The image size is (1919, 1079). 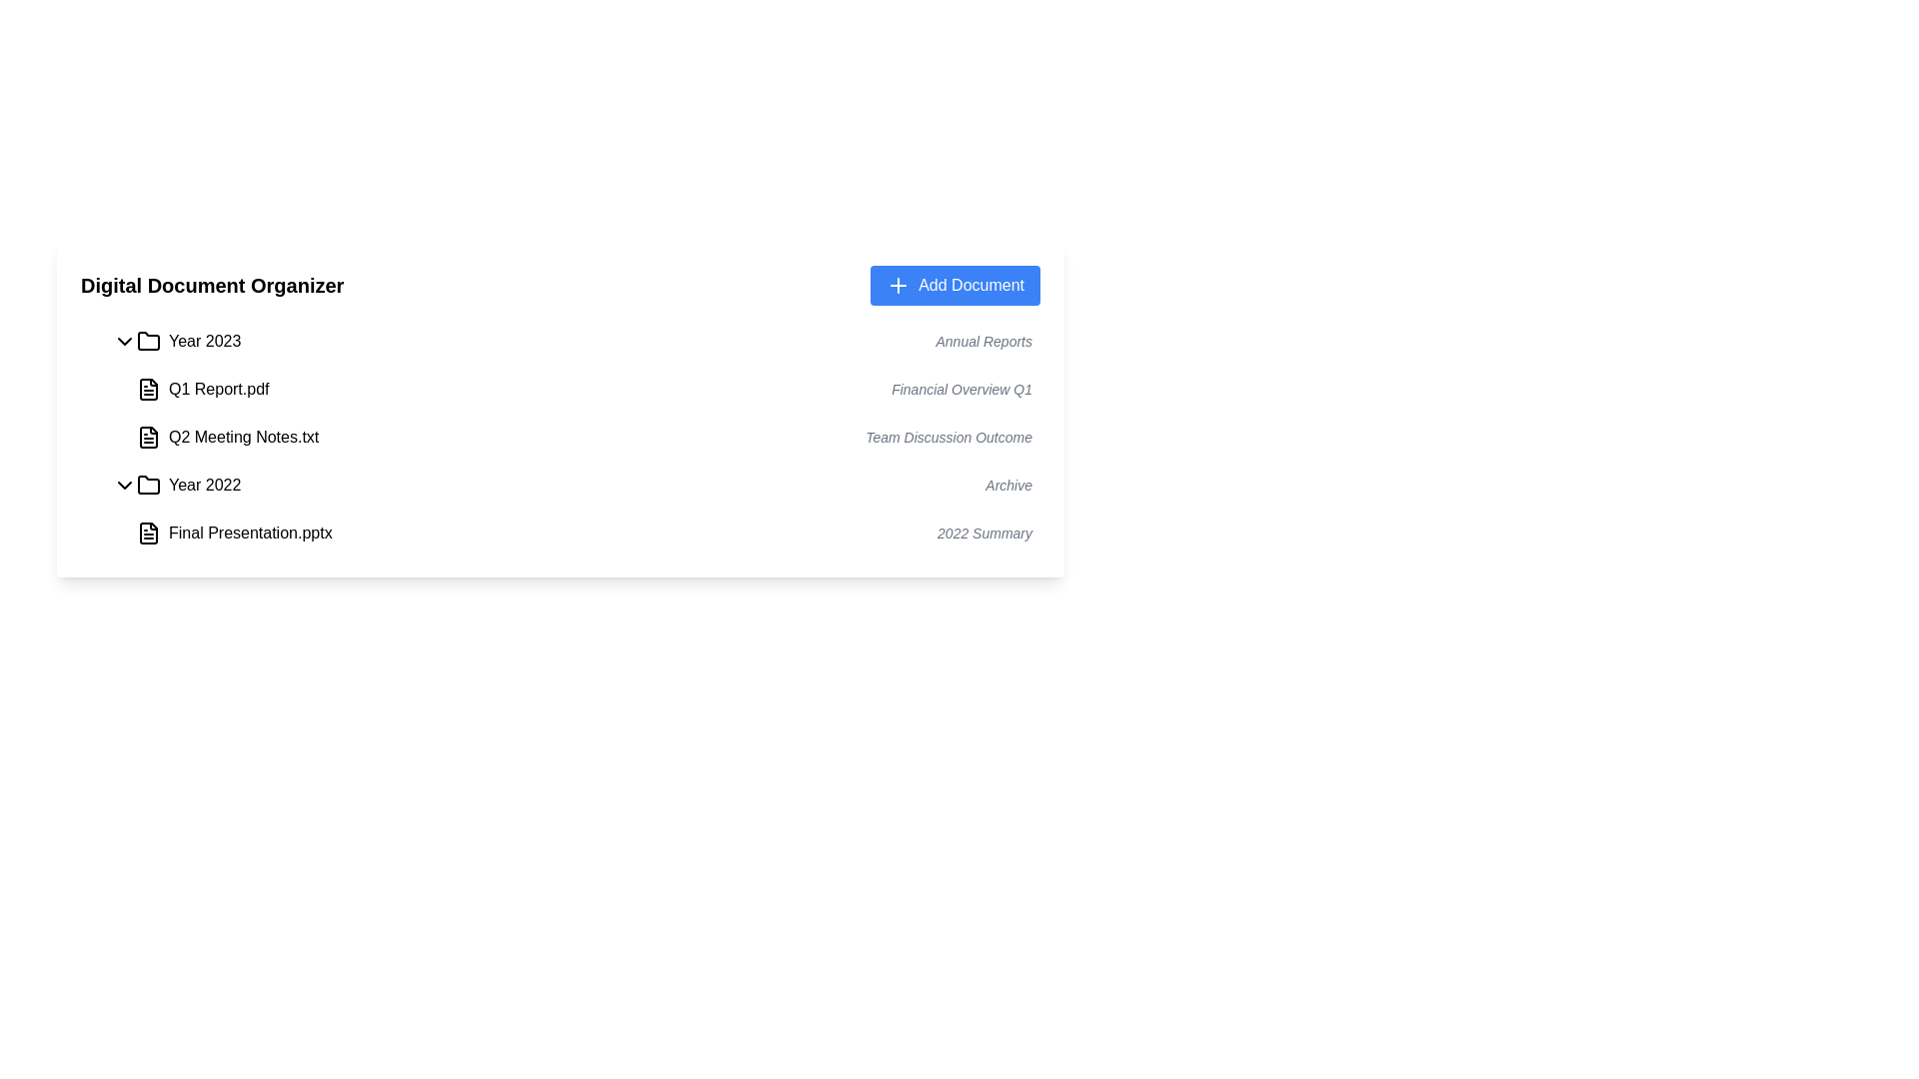 What do you see at coordinates (584, 532) in the screenshot?
I see `the first file entry listed under the 'Year 2022' section` at bounding box center [584, 532].